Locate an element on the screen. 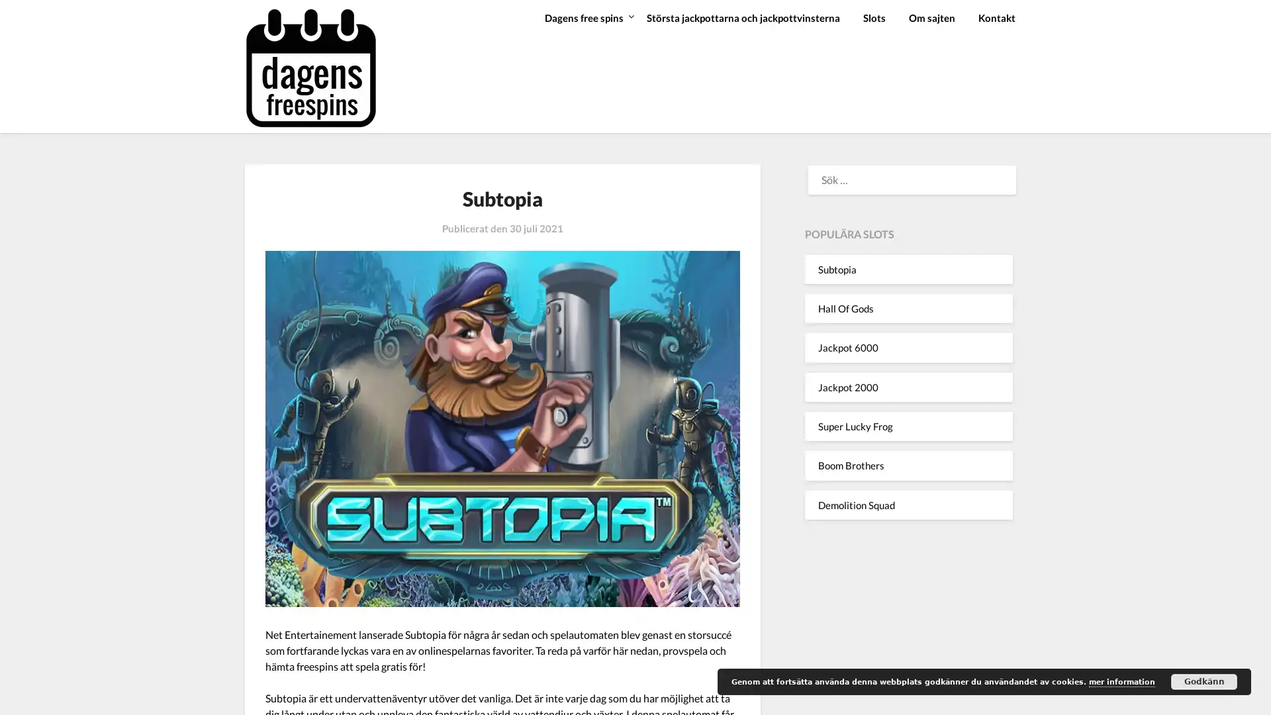  Godkann is located at coordinates (1204, 681).